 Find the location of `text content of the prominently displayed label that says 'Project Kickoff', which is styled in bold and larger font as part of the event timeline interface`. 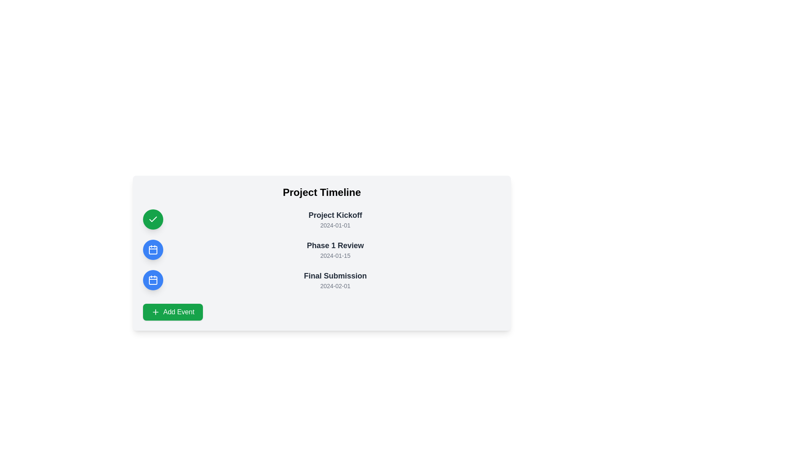

text content of the prominently displayed label that says 'Project Kickoff', which is styled in bold and larger font as part of the event timeline interface is located at coordinates (335, 214).